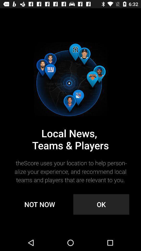  I want to click on the ok item, so click(101, 204).